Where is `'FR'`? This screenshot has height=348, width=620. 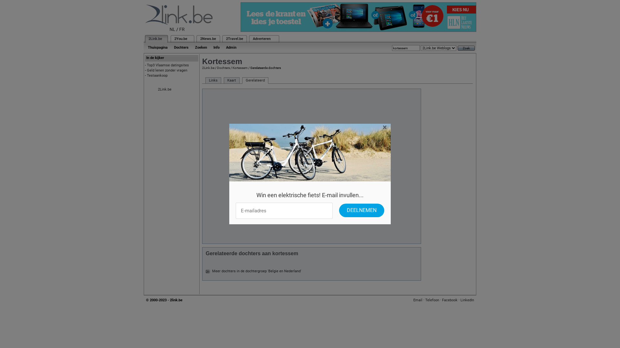
'FR' is located at coordinates (179, 29).